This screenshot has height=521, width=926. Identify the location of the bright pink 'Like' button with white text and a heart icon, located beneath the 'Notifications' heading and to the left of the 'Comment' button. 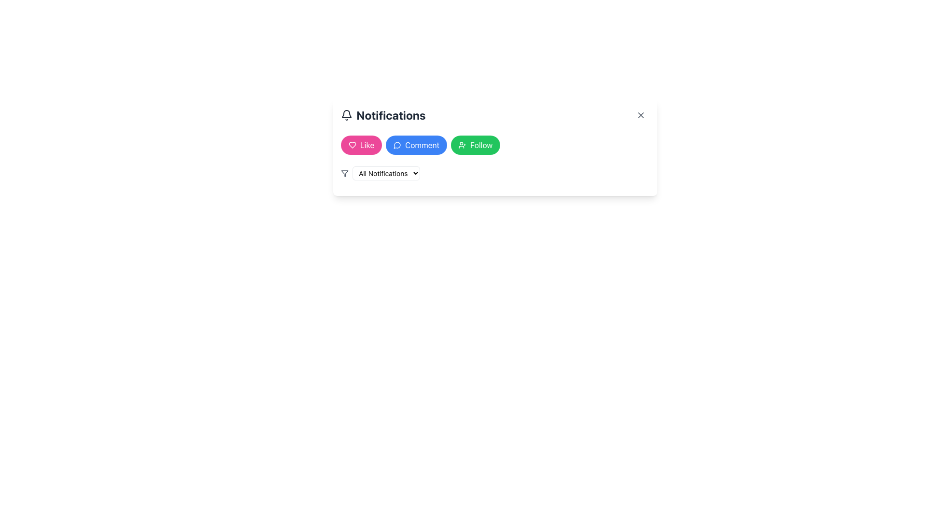
(361, 145).